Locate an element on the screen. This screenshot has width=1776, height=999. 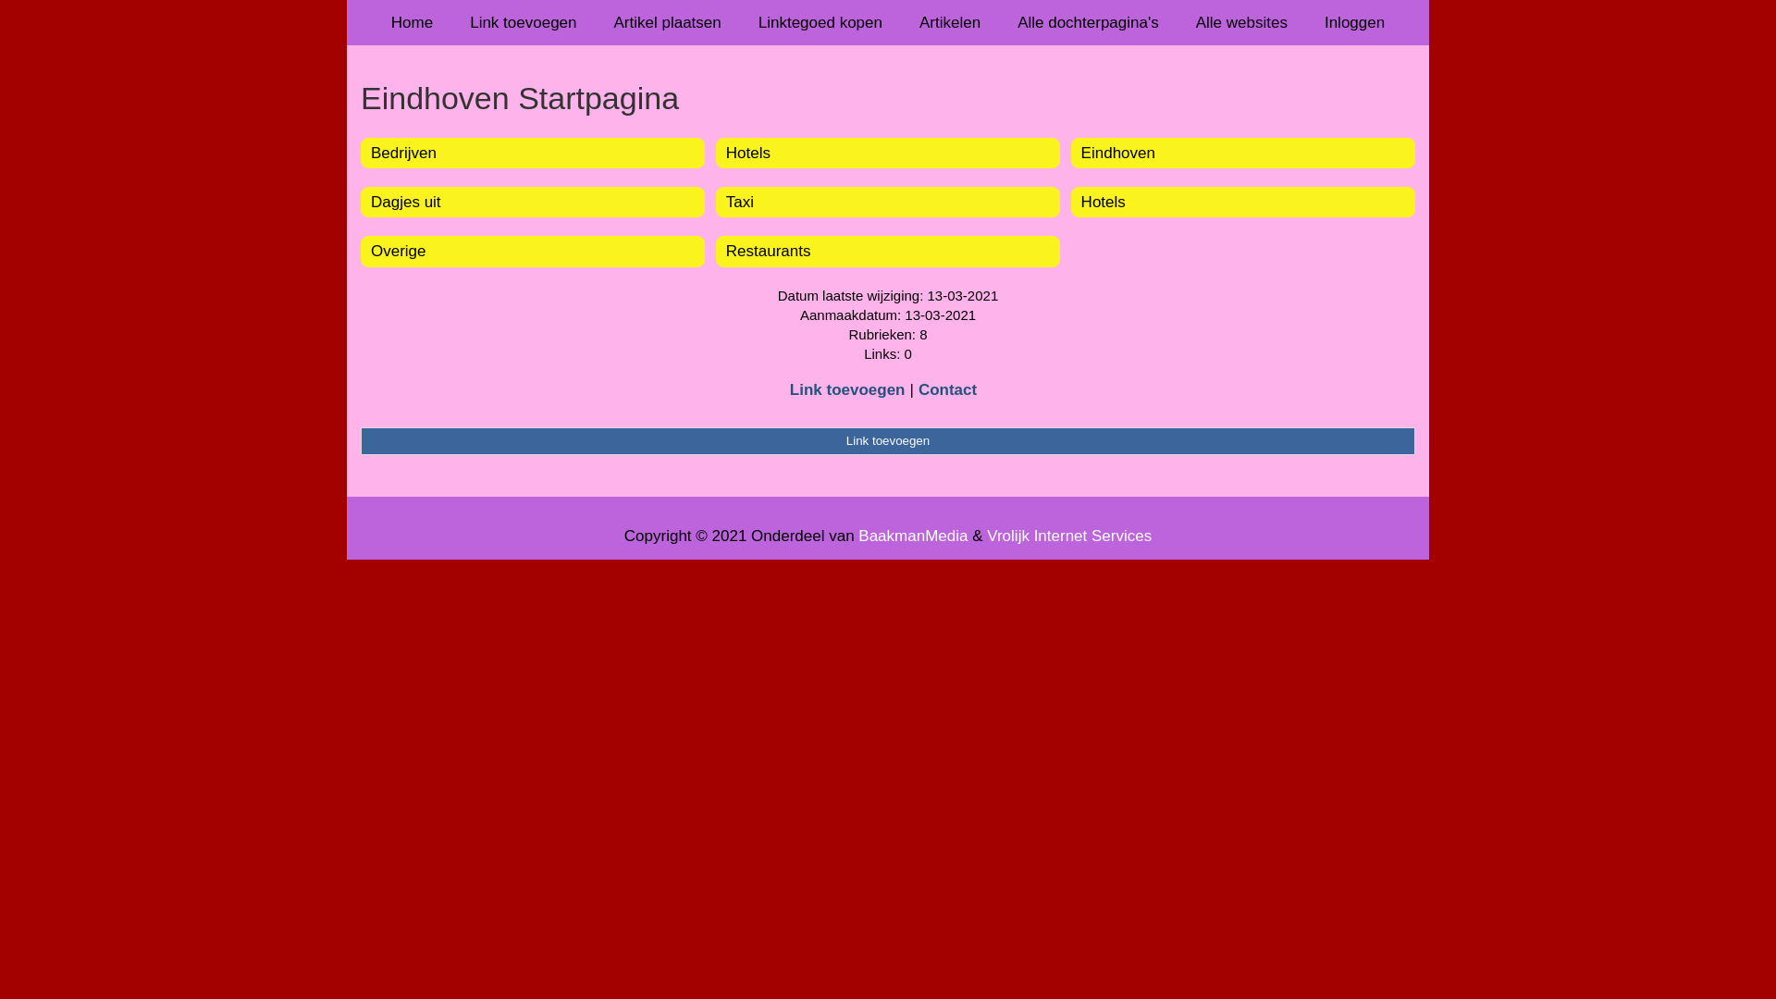
'Bedrijven' is located at coordinates (402, 152).